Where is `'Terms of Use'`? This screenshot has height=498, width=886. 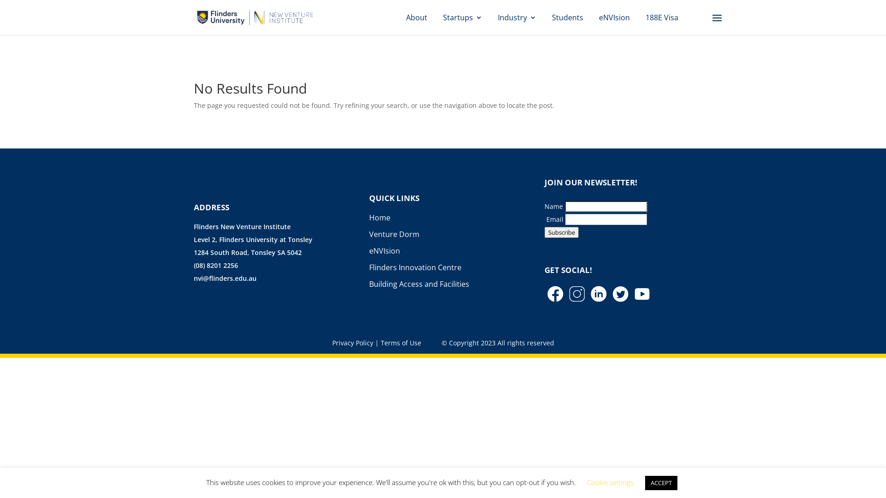
'Terms of Use' is located at coordinates (380, 343).